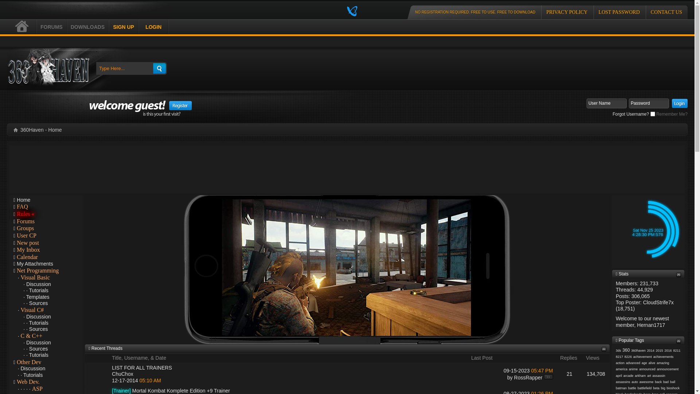 This screenshot has height=394, width=700. I want to click on 'age', so click(644, 363).